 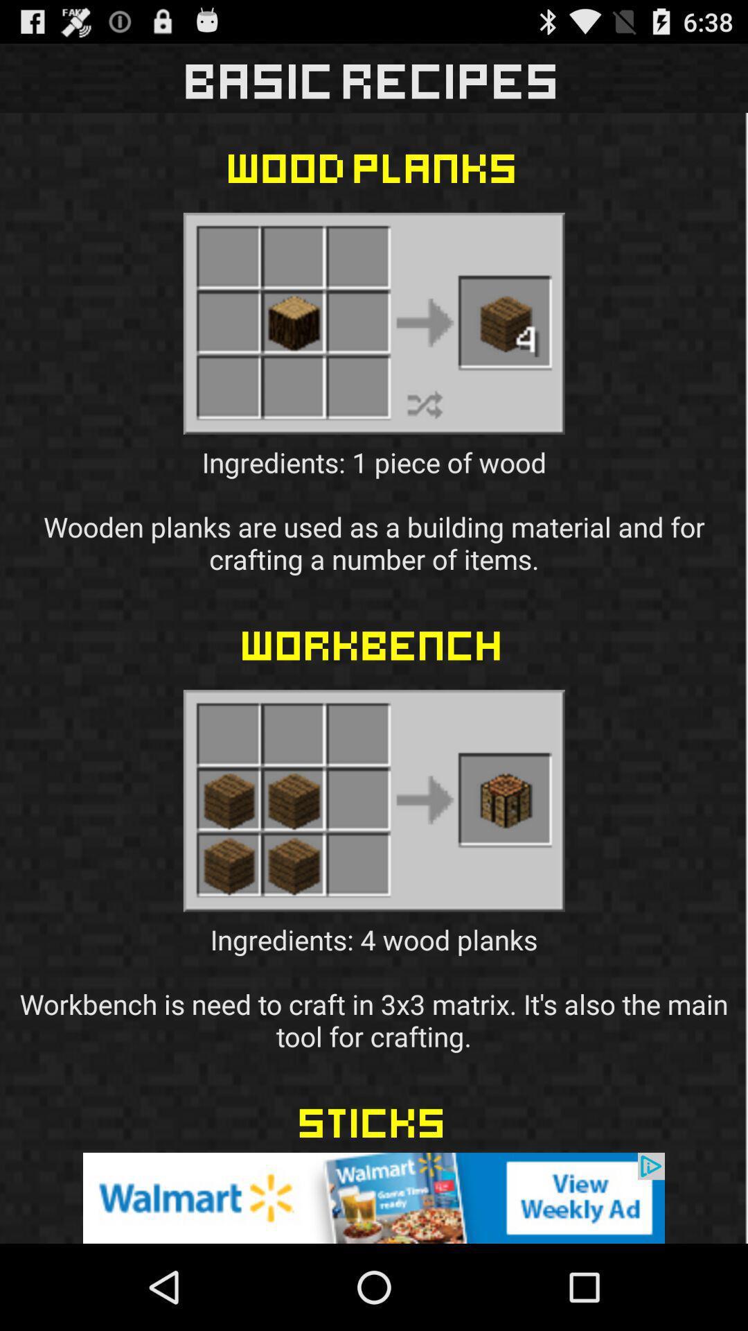 What do you see at coordinates (374, 1197) in the screenshot?
I see `icon below the ingredients 4 wood item` at bounding box center [374, 1197].